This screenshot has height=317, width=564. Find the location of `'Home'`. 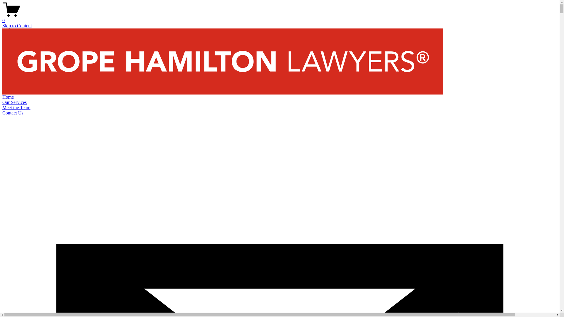

'Home' is located at coordinates (8, 97).